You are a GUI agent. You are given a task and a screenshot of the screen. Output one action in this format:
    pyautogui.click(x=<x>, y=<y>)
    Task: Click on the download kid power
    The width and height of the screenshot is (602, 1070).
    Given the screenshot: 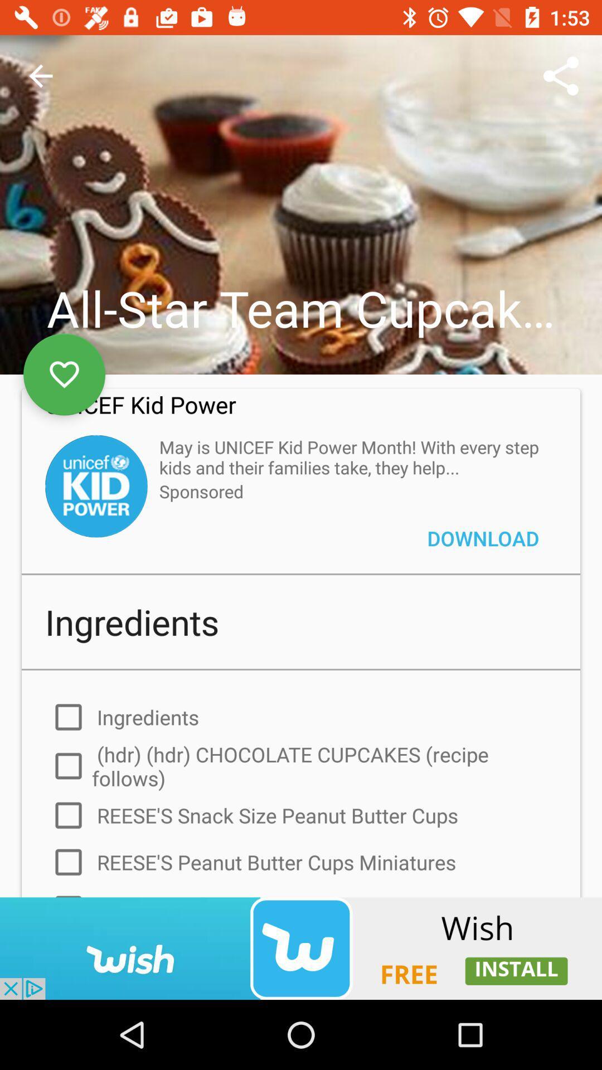 What is the action you would take?
    pyautogui.click(x=95, y=486)
    